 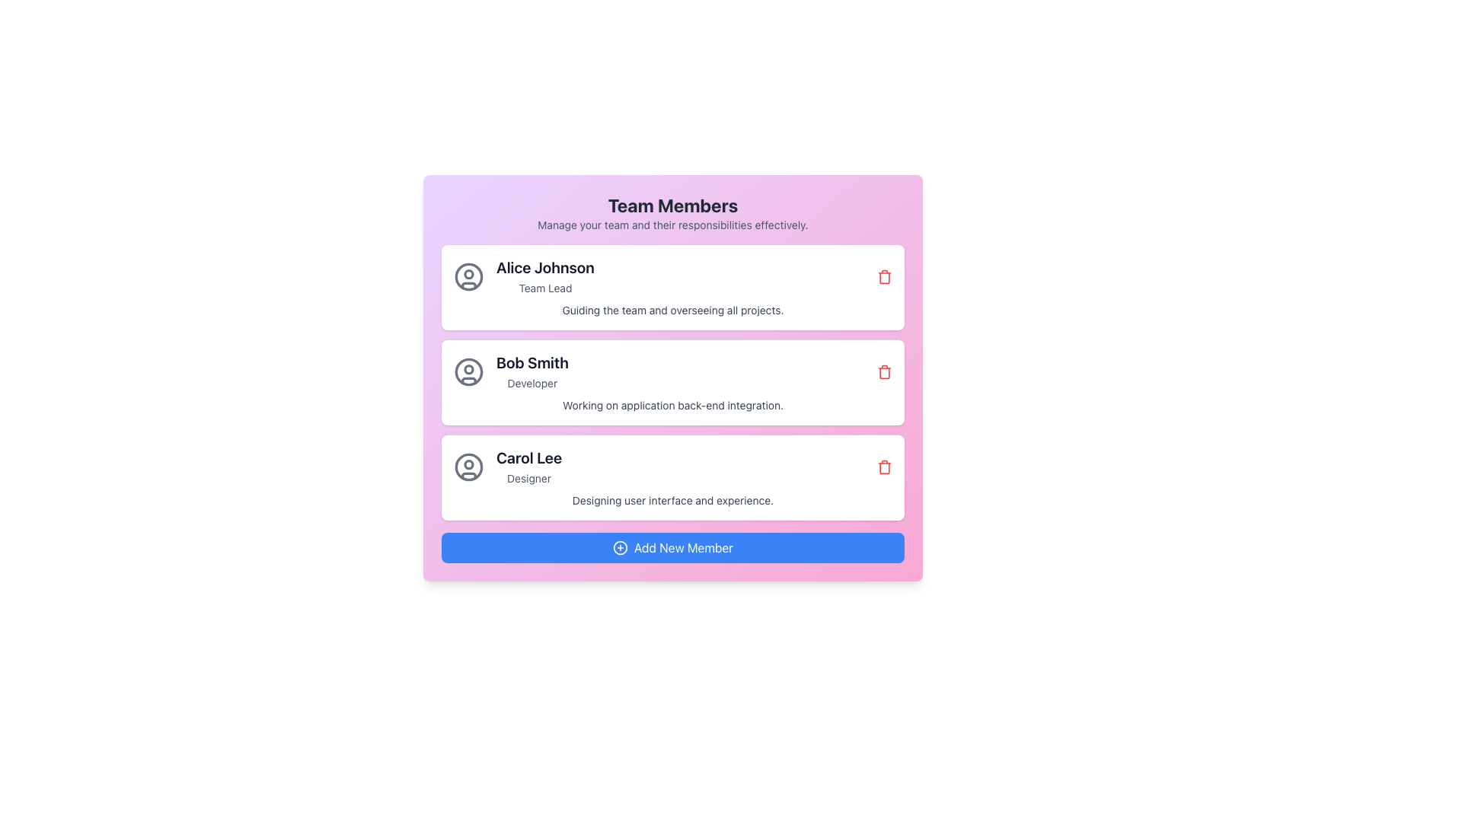 I want to click on the 'Add New Team Member' button located at the bottom of the 'Team Members' card, so click(x=672, y=548).